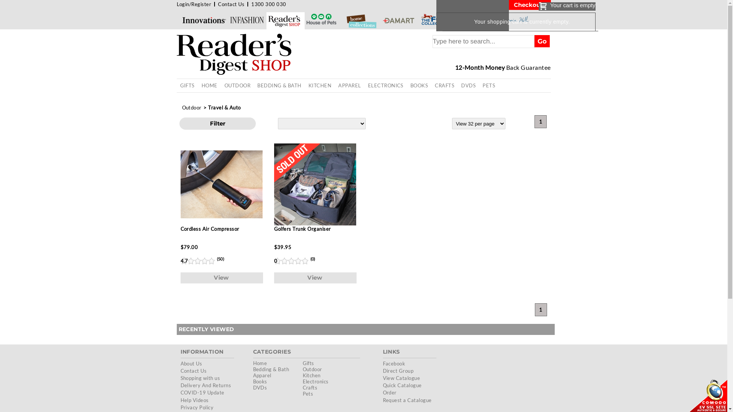  Describe the element at coordinates (401, 389) in the screenshot. I see `'Quick Catalogue Order'` at that location.